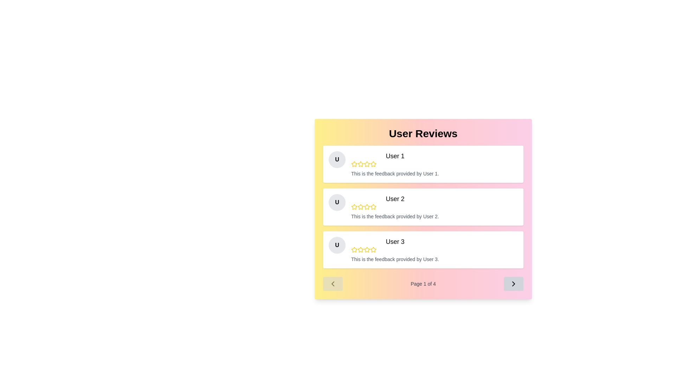 The image size is (675, 379). What do you see at coordinates (395, 173) in the screenshot?
I see `feedback text block styled with a smaller font size and gray color, which contains the text 'This is the feedback provided by User 1.' located below the user name and rating section in the first review card` at bounding box center [395, 173].